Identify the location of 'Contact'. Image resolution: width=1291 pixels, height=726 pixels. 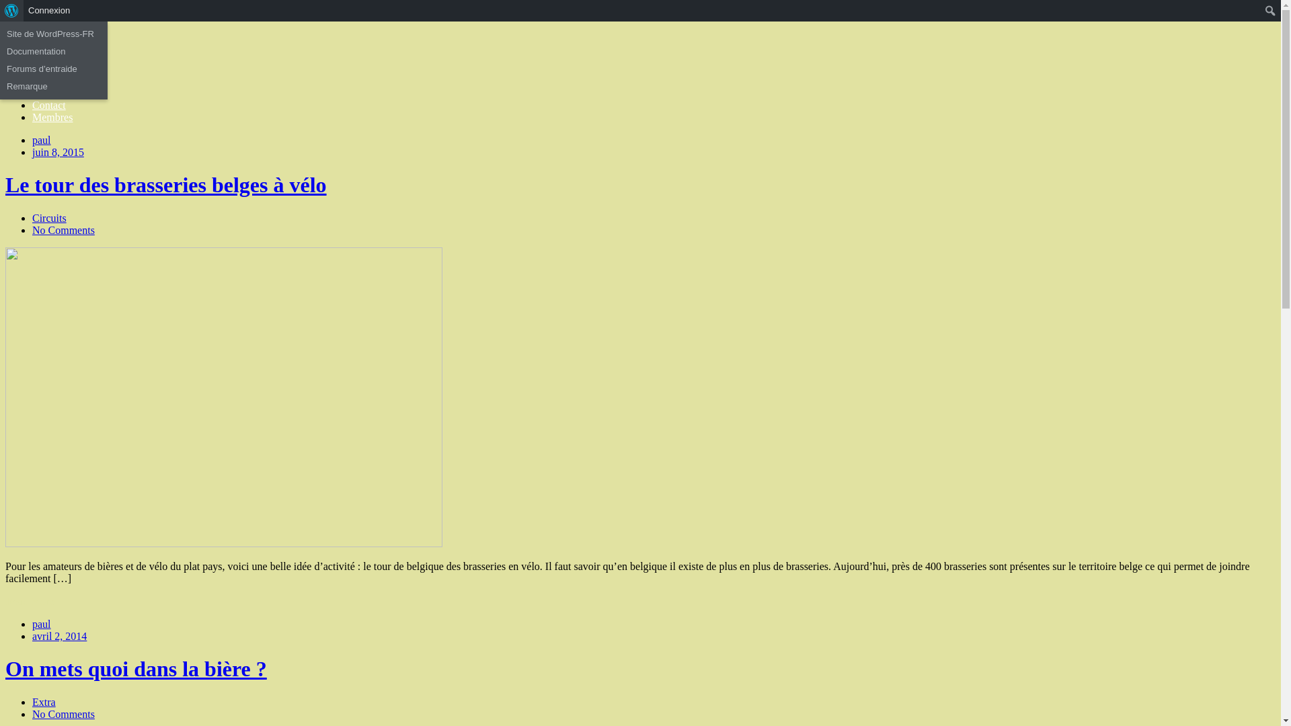
(48, 104).